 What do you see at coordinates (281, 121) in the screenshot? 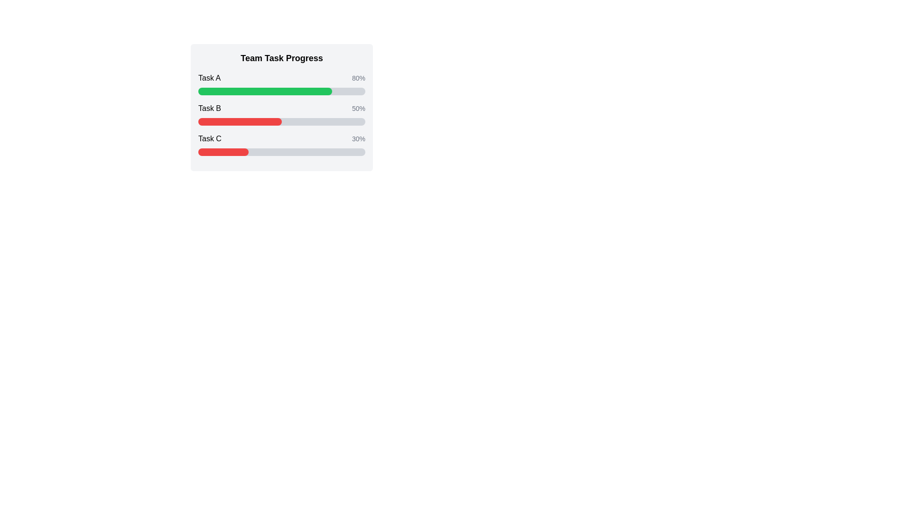
I see `the horizontal progress bar located below the 'Task B' label, which has a gray background and a red-filled section indicating 50% progress` at bounding box center [281, 121].